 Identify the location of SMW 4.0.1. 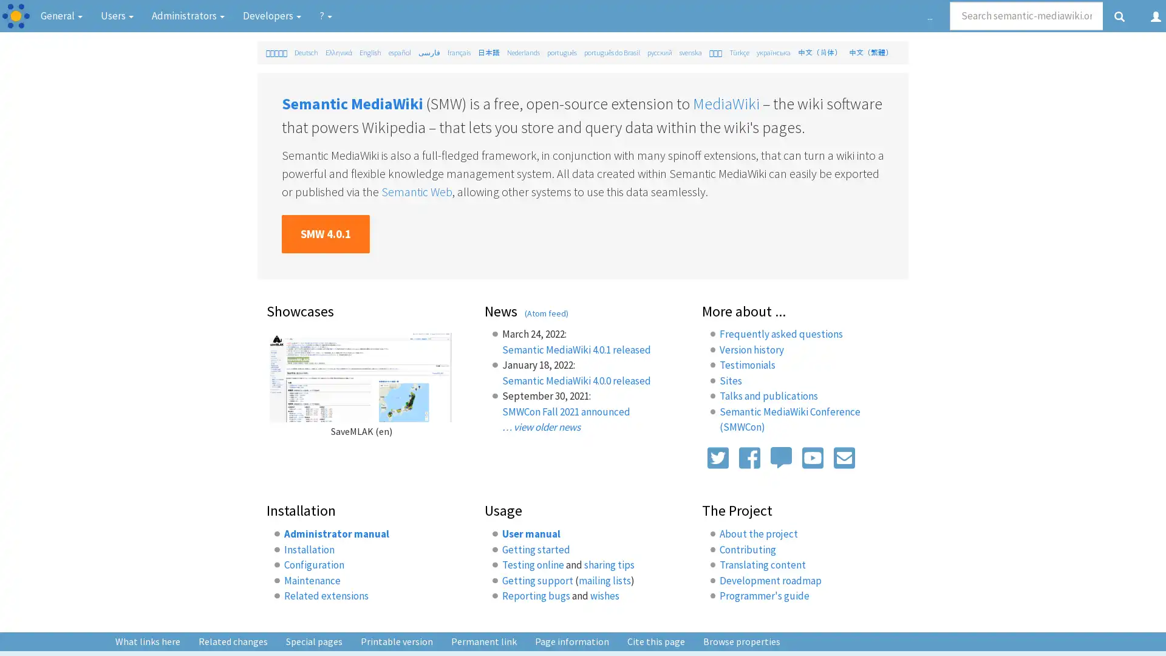
(326, 234).